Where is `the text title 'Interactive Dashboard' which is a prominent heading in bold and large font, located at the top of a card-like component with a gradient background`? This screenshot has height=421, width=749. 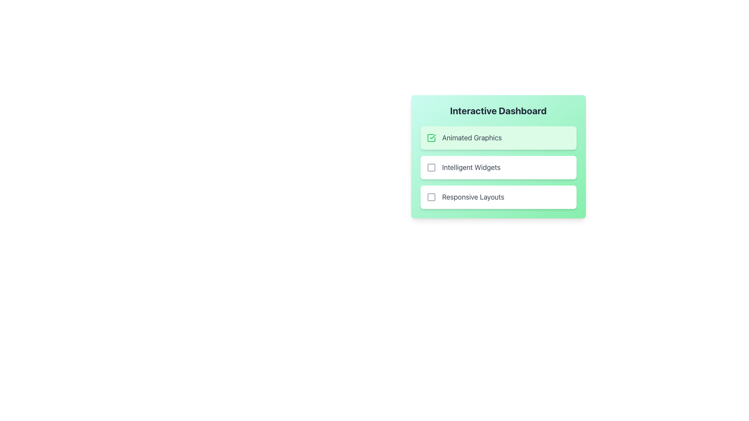
the text title 'Interactive Dashboard' which is a prominent heading in bold and large font, located at the top of a card-like component with a gradient background is located at coordinates (498, 111).